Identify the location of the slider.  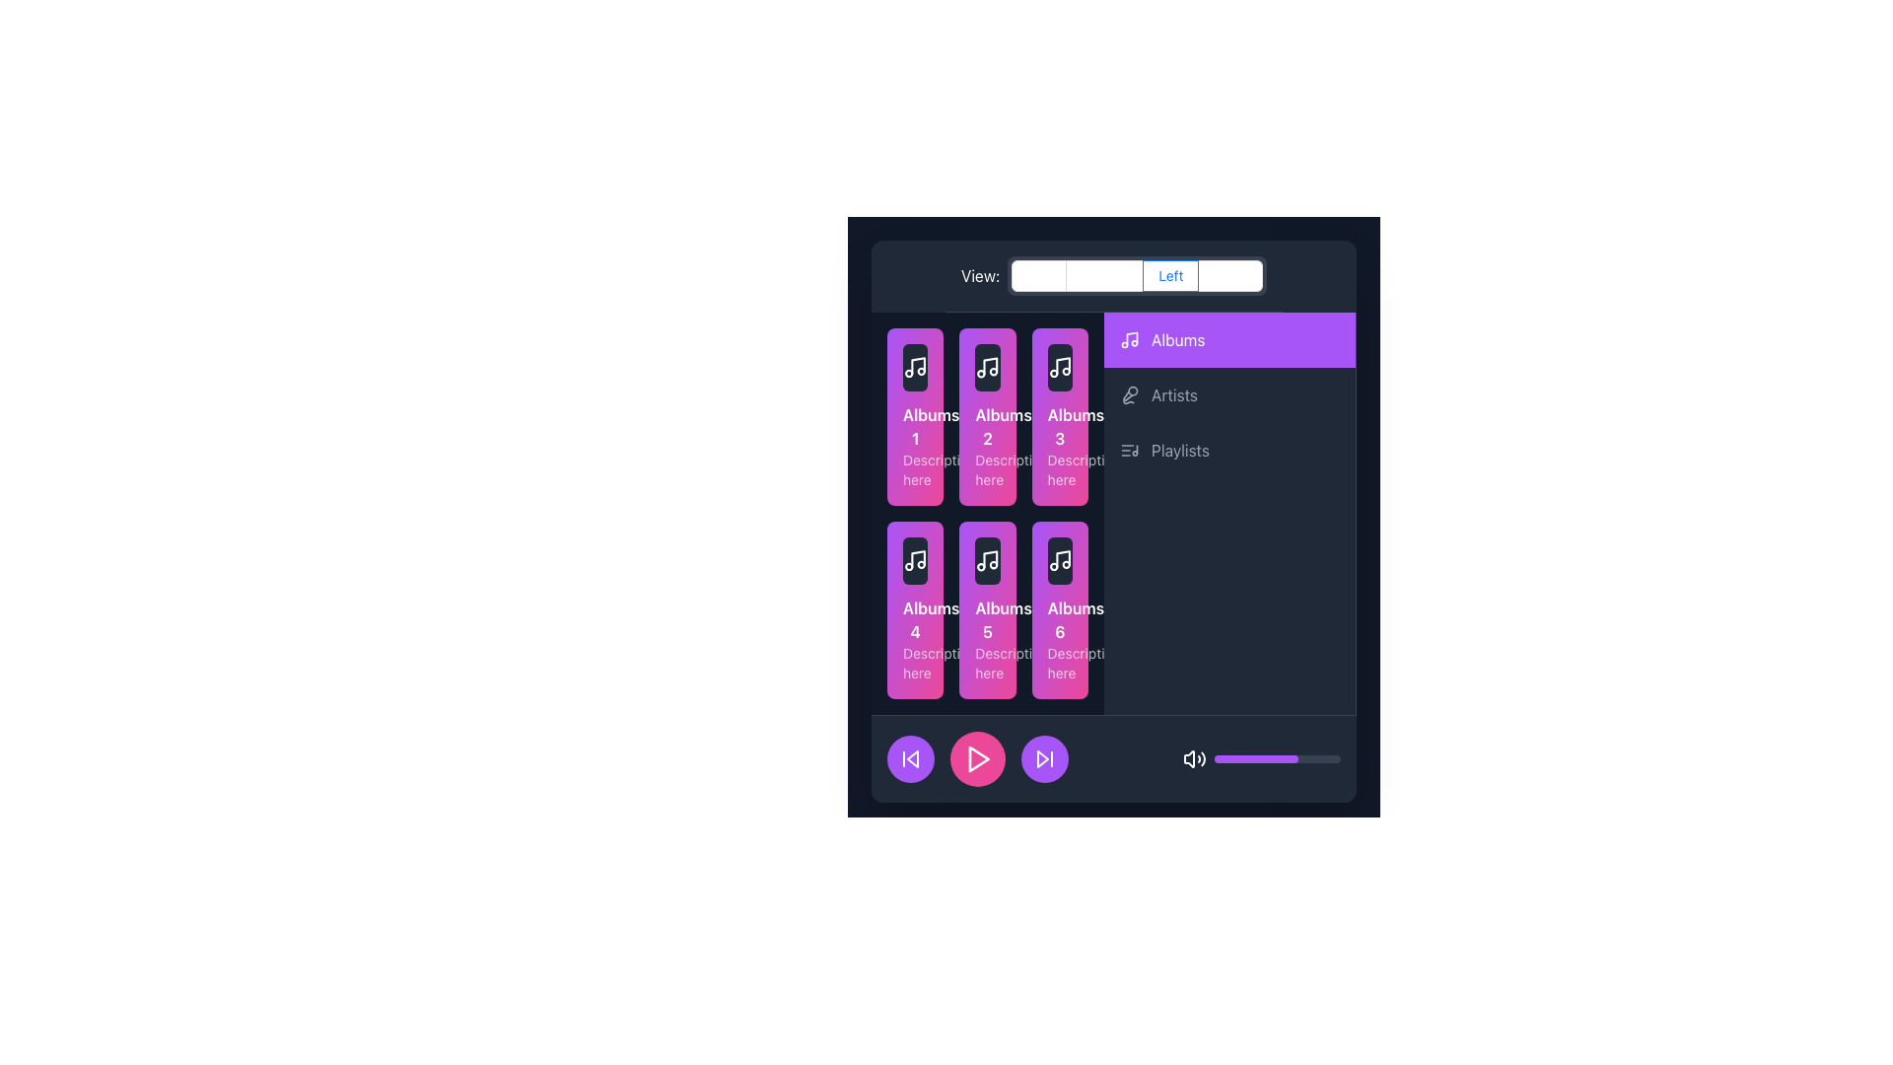
(1292, 758).